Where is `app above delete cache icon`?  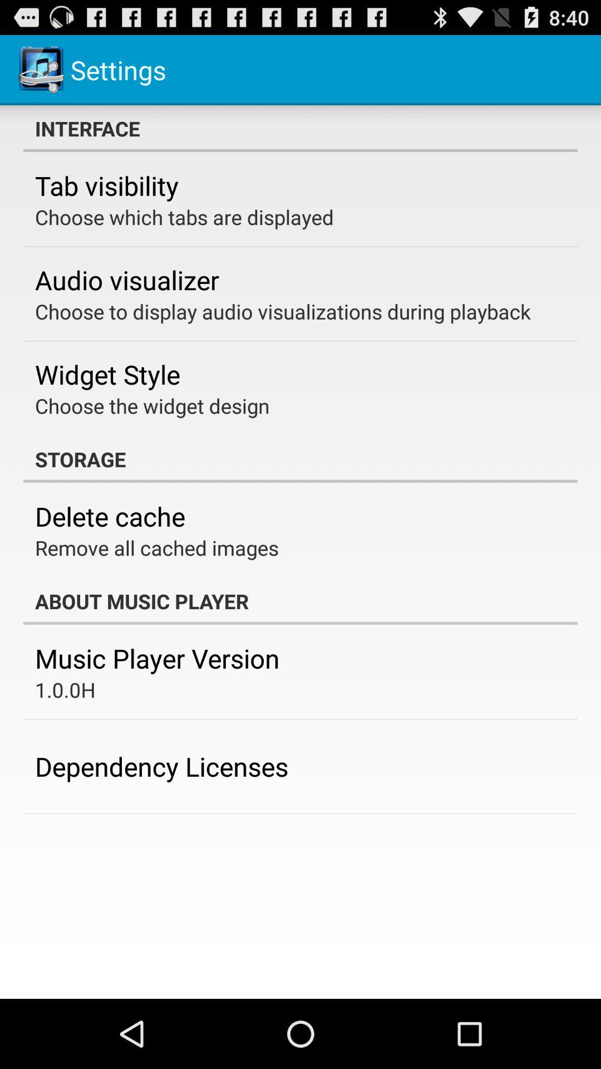
app above delete cache icon is located at coordinates (300, 459).